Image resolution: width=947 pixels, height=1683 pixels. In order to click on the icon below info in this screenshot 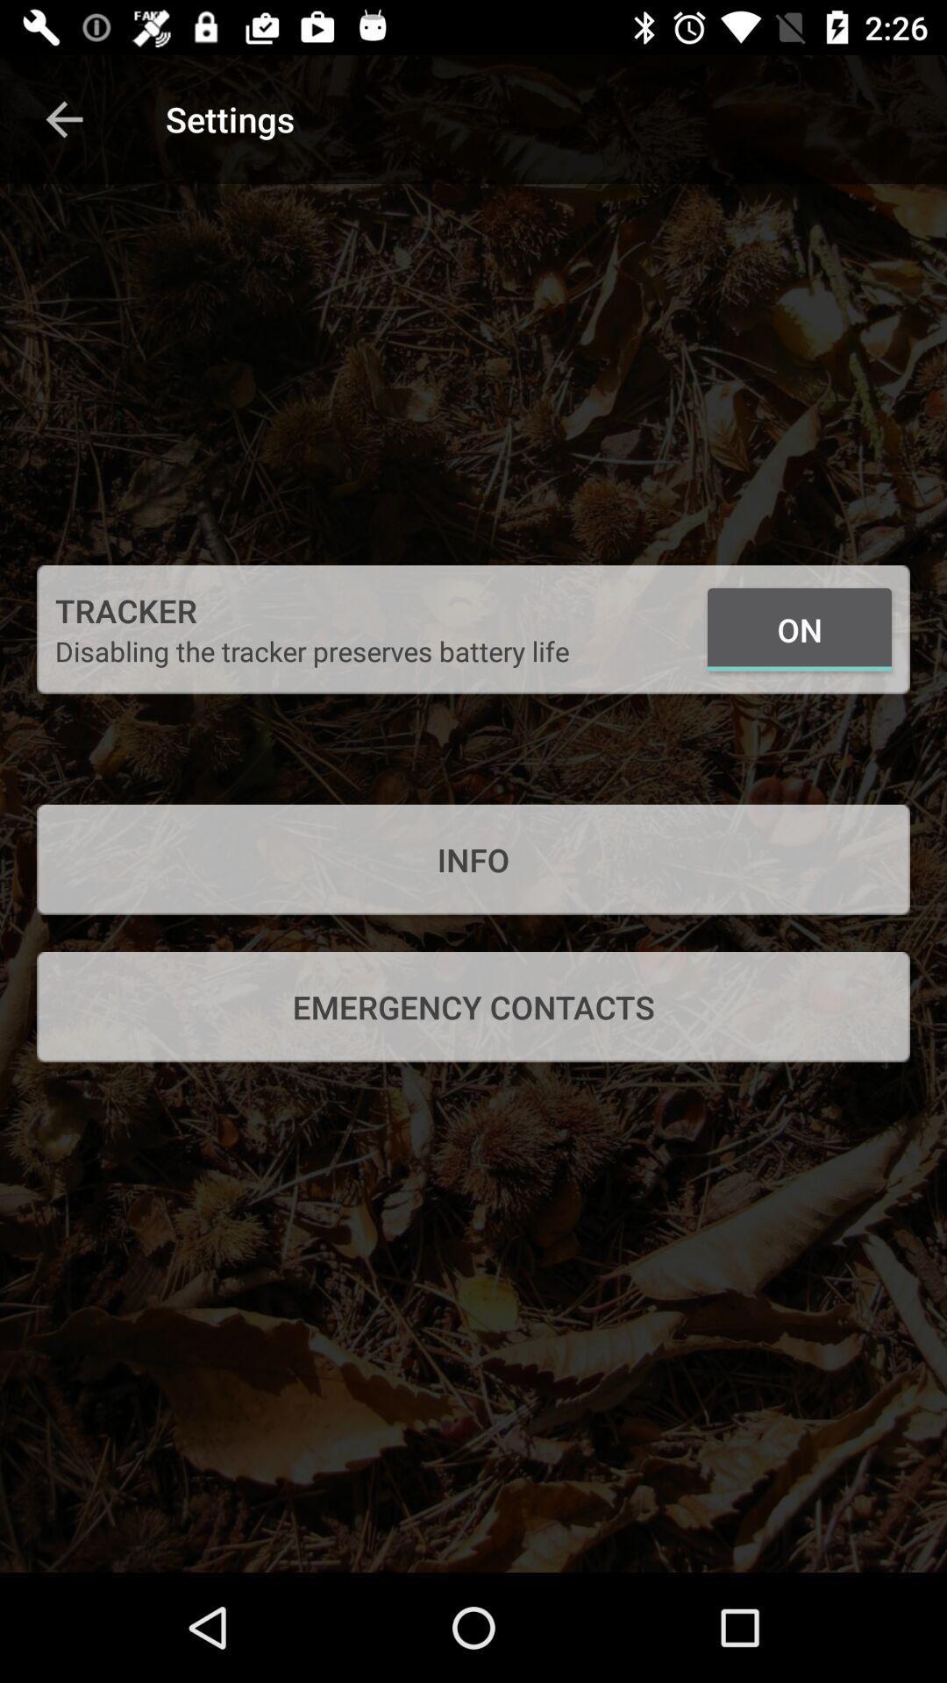, I will do `click(473, 1006)`.